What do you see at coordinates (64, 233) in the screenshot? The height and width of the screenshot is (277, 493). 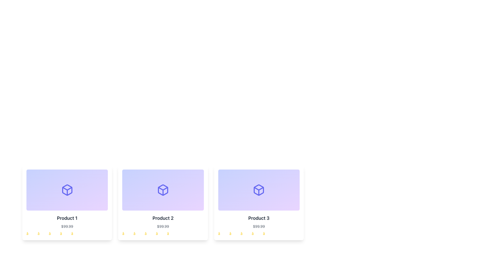 I see `the appearance of the fourth yellow star icon in the rating component of 'Product 1' card` at bounding box center [64, 233].